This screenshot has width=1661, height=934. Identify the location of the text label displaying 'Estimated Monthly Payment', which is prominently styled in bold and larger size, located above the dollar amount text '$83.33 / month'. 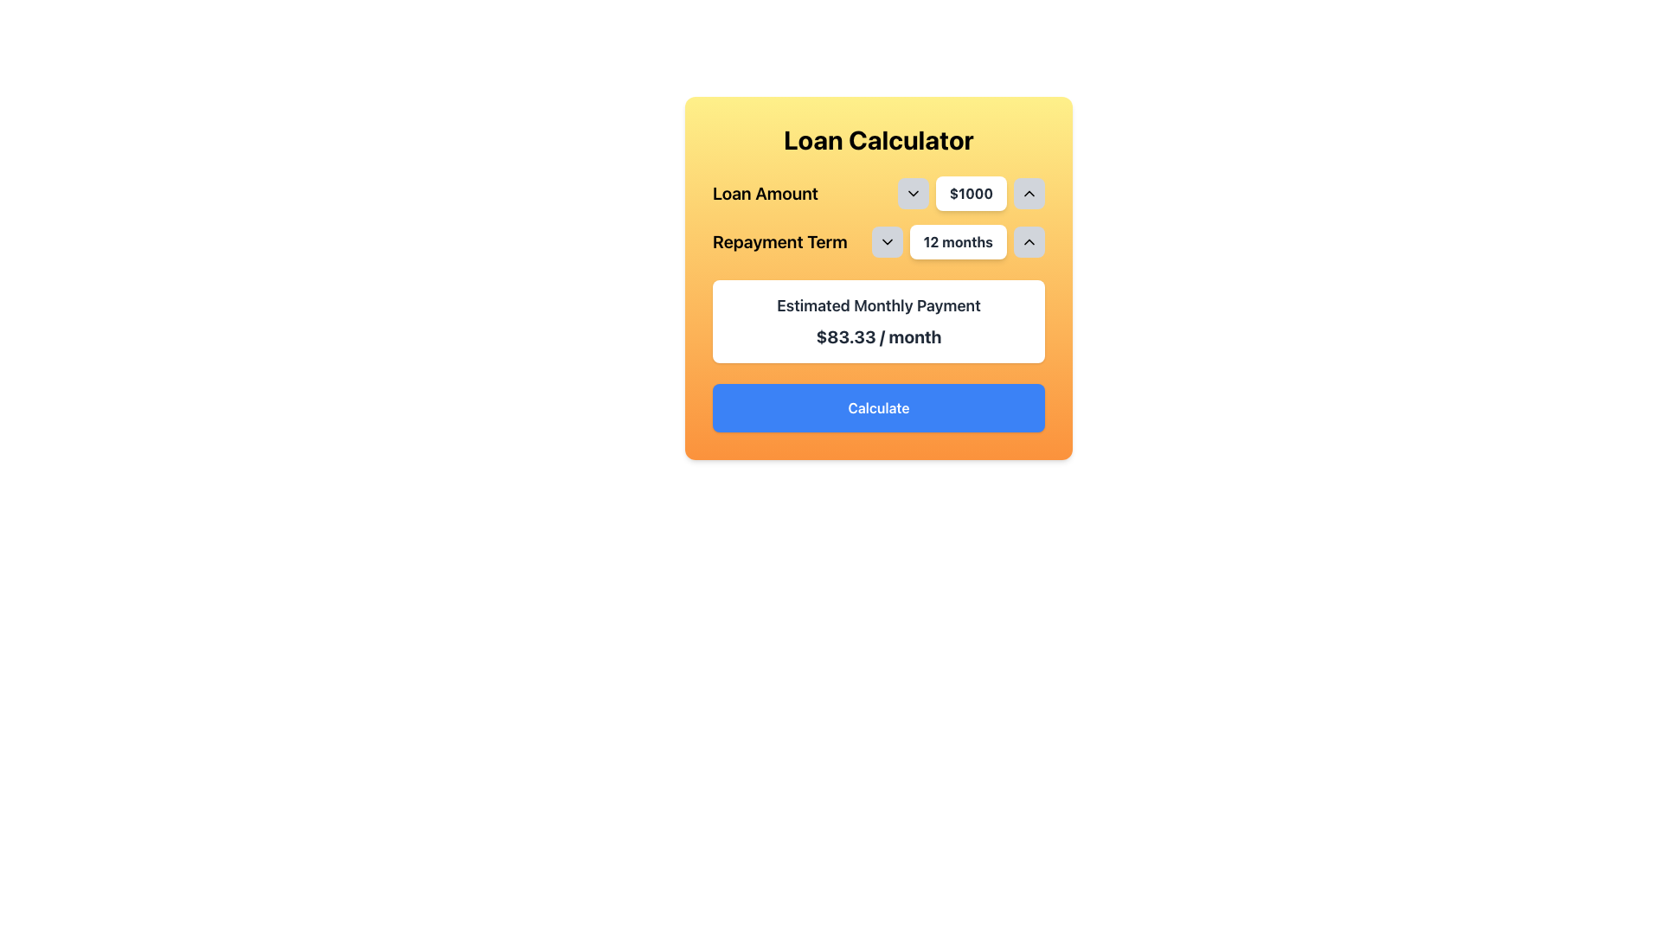
(879, 305).